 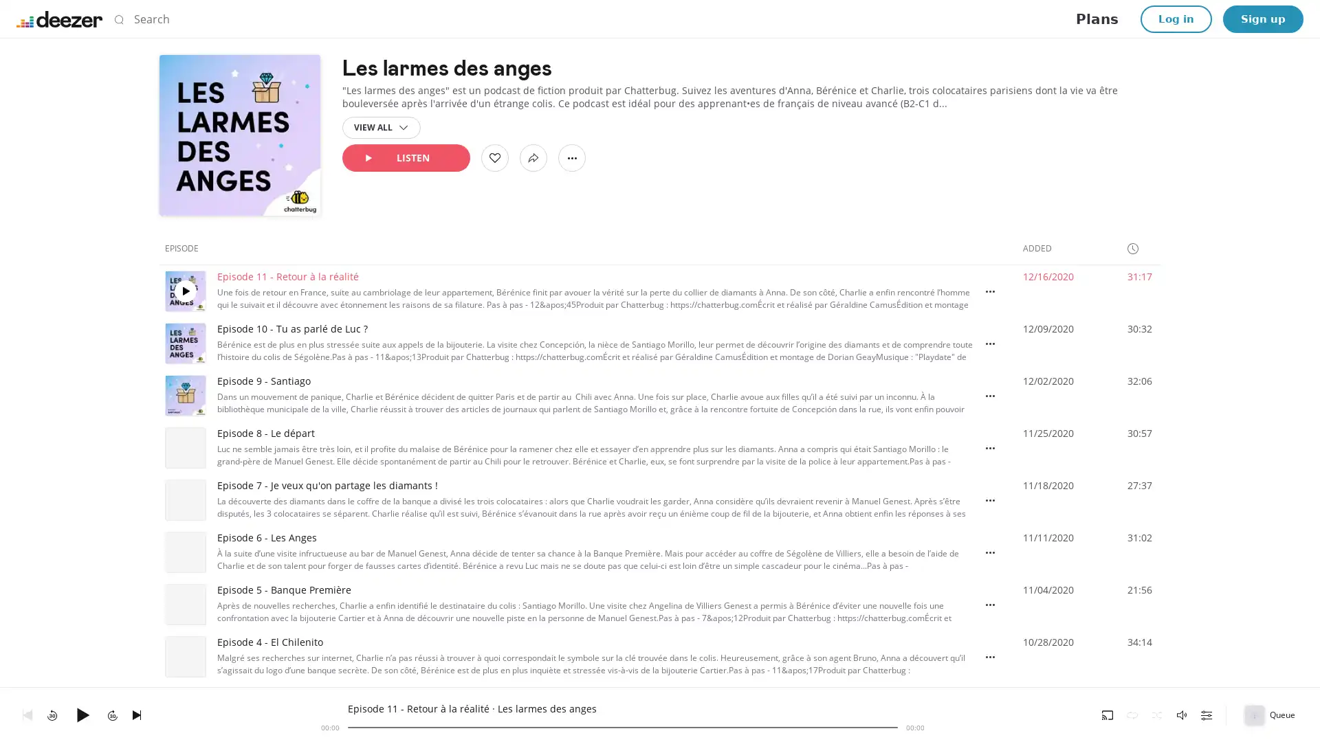 What do you see at coordinates (184, 551) in the screenshot?
I see `Play Episode 6 - Les Anges by Les larmes des anges` at bounding box center [184, 551].